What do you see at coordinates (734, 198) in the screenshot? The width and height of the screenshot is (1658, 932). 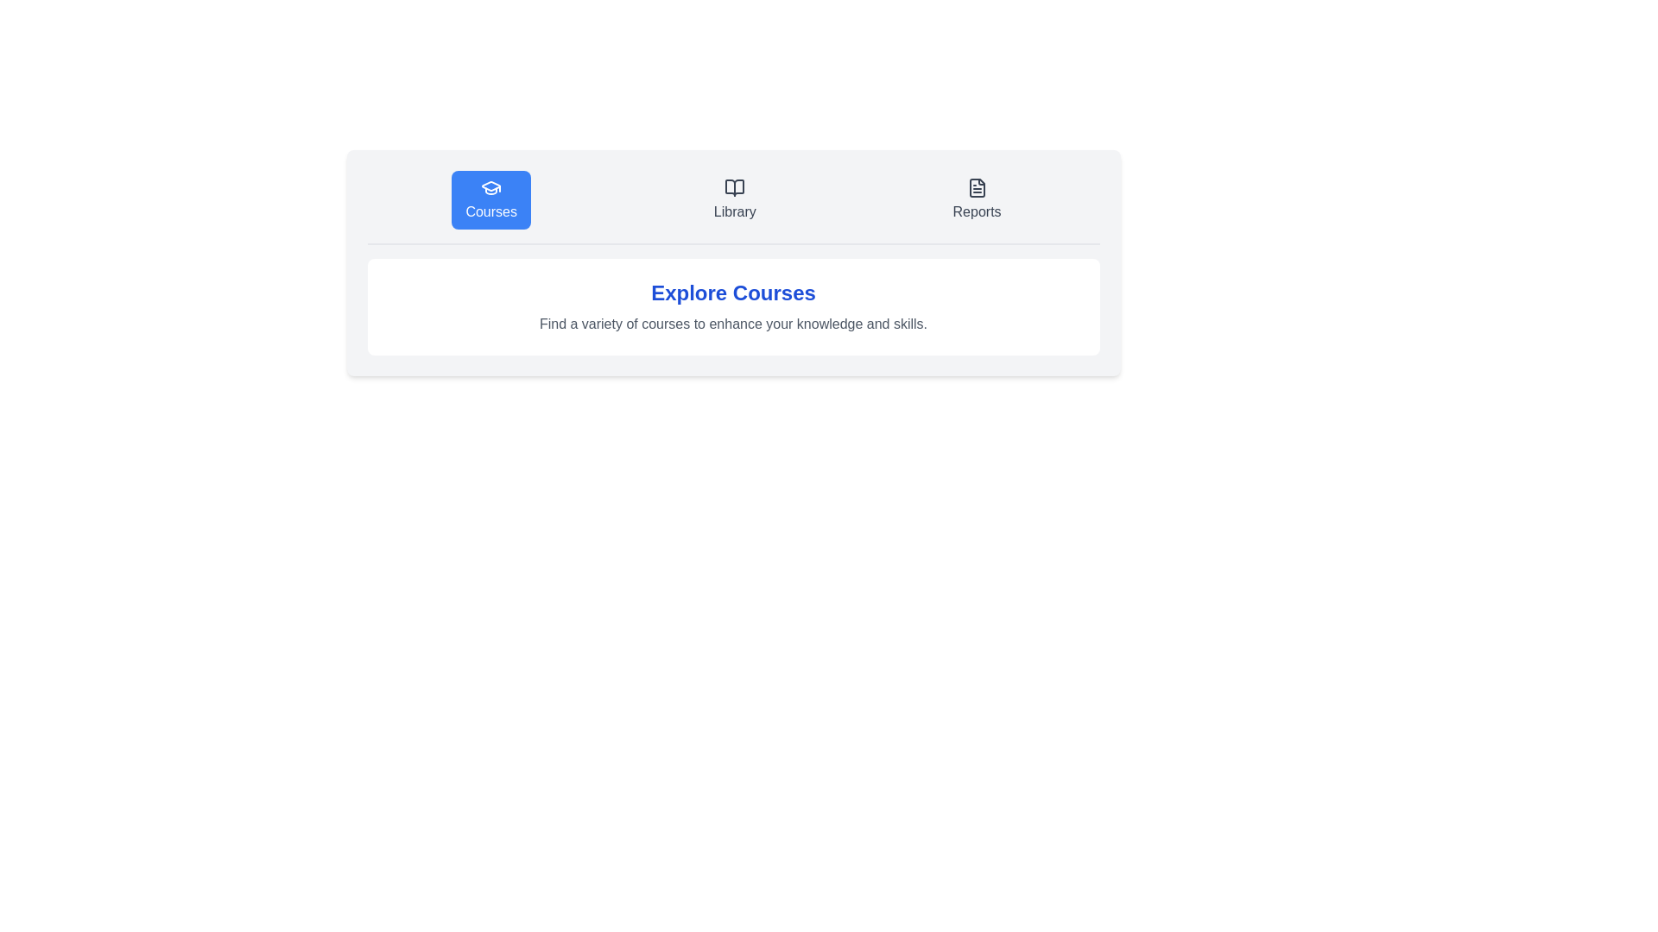 I see `the Library tab to view its content` at bounding box center [734, 198].